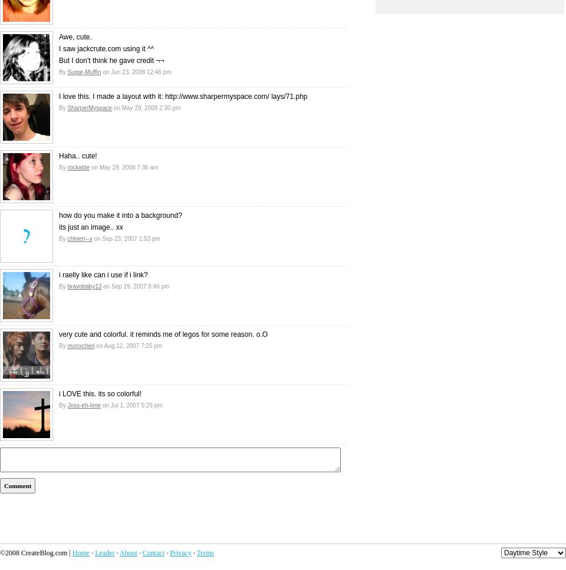 The image size is (566, 570). What do you see at coordinates (80, 346) in the screenshot?
I see `'monxcheri'` at bounding box center [80, 346].